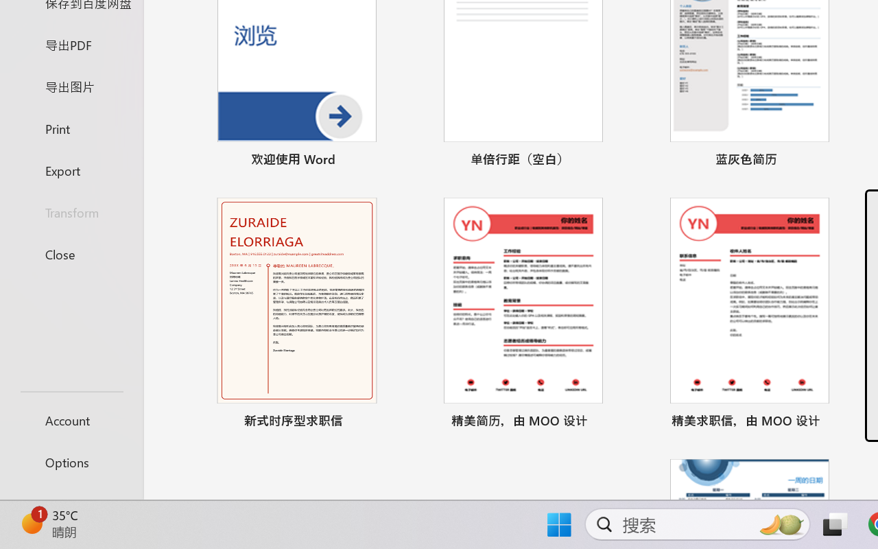  I want to click on 'Transform', so click(71, 211).